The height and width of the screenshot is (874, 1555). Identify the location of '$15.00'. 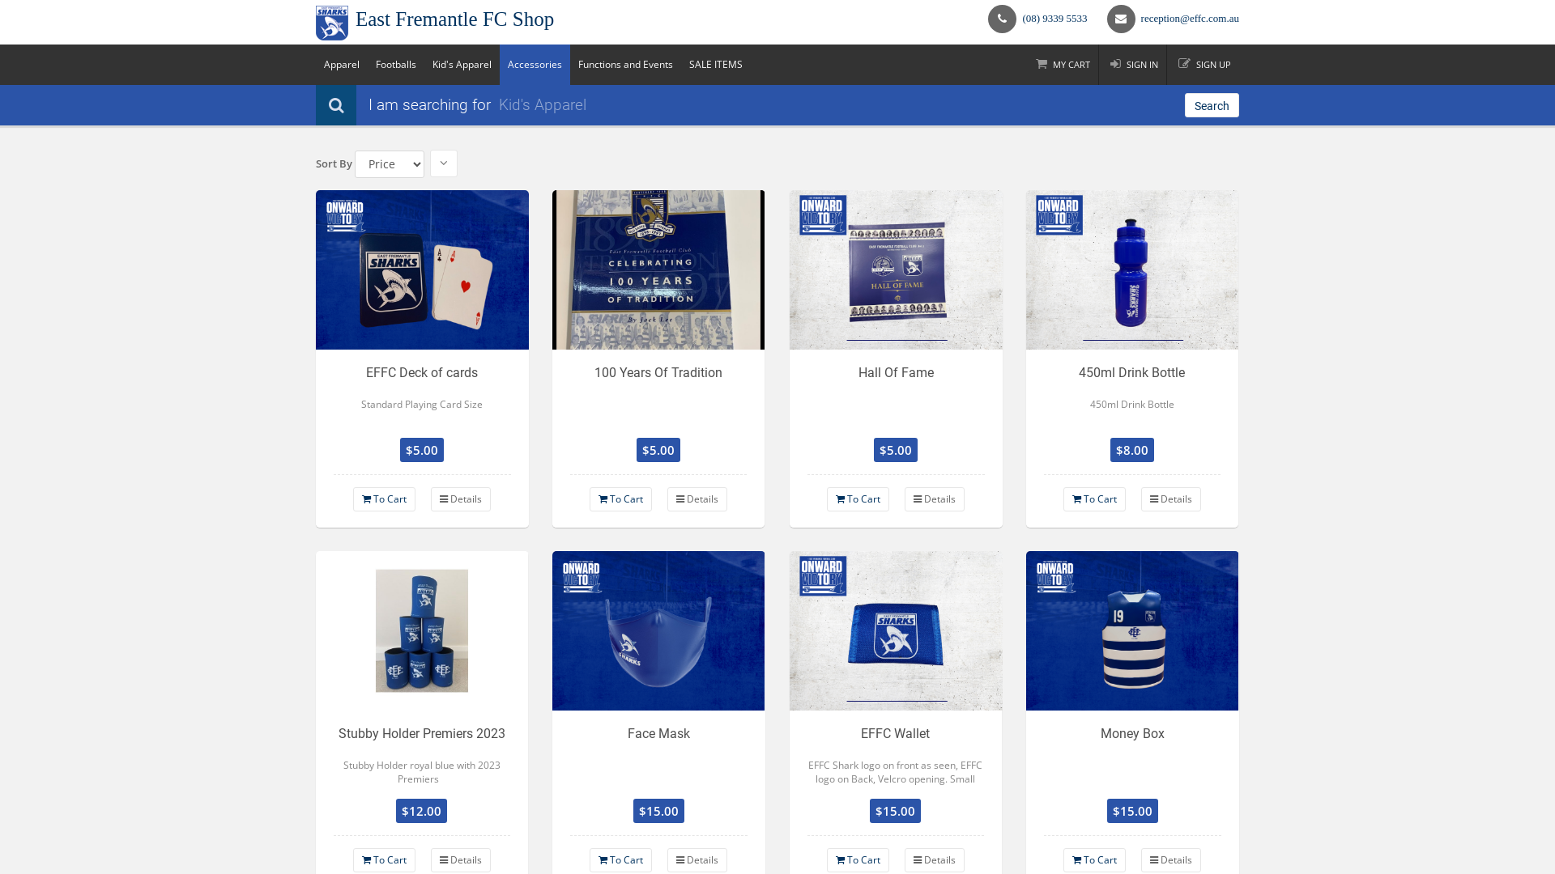
(658, 811).